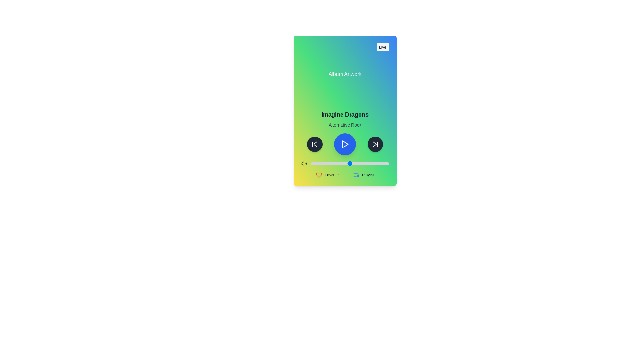 This screenshot has width=618, height=347. What do you see at coordinates (344, 114) in the screenshot?
I see `the artist name text label, which is centrally located in the card interface, beneath the 'Album Artwork' label and above 'Alternative Rock'` at bounding box center [344, 114].